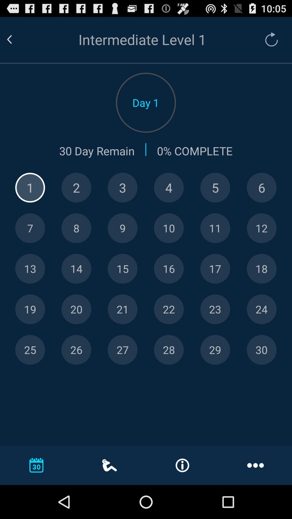  I want to click on day 20, so click(76, 309).